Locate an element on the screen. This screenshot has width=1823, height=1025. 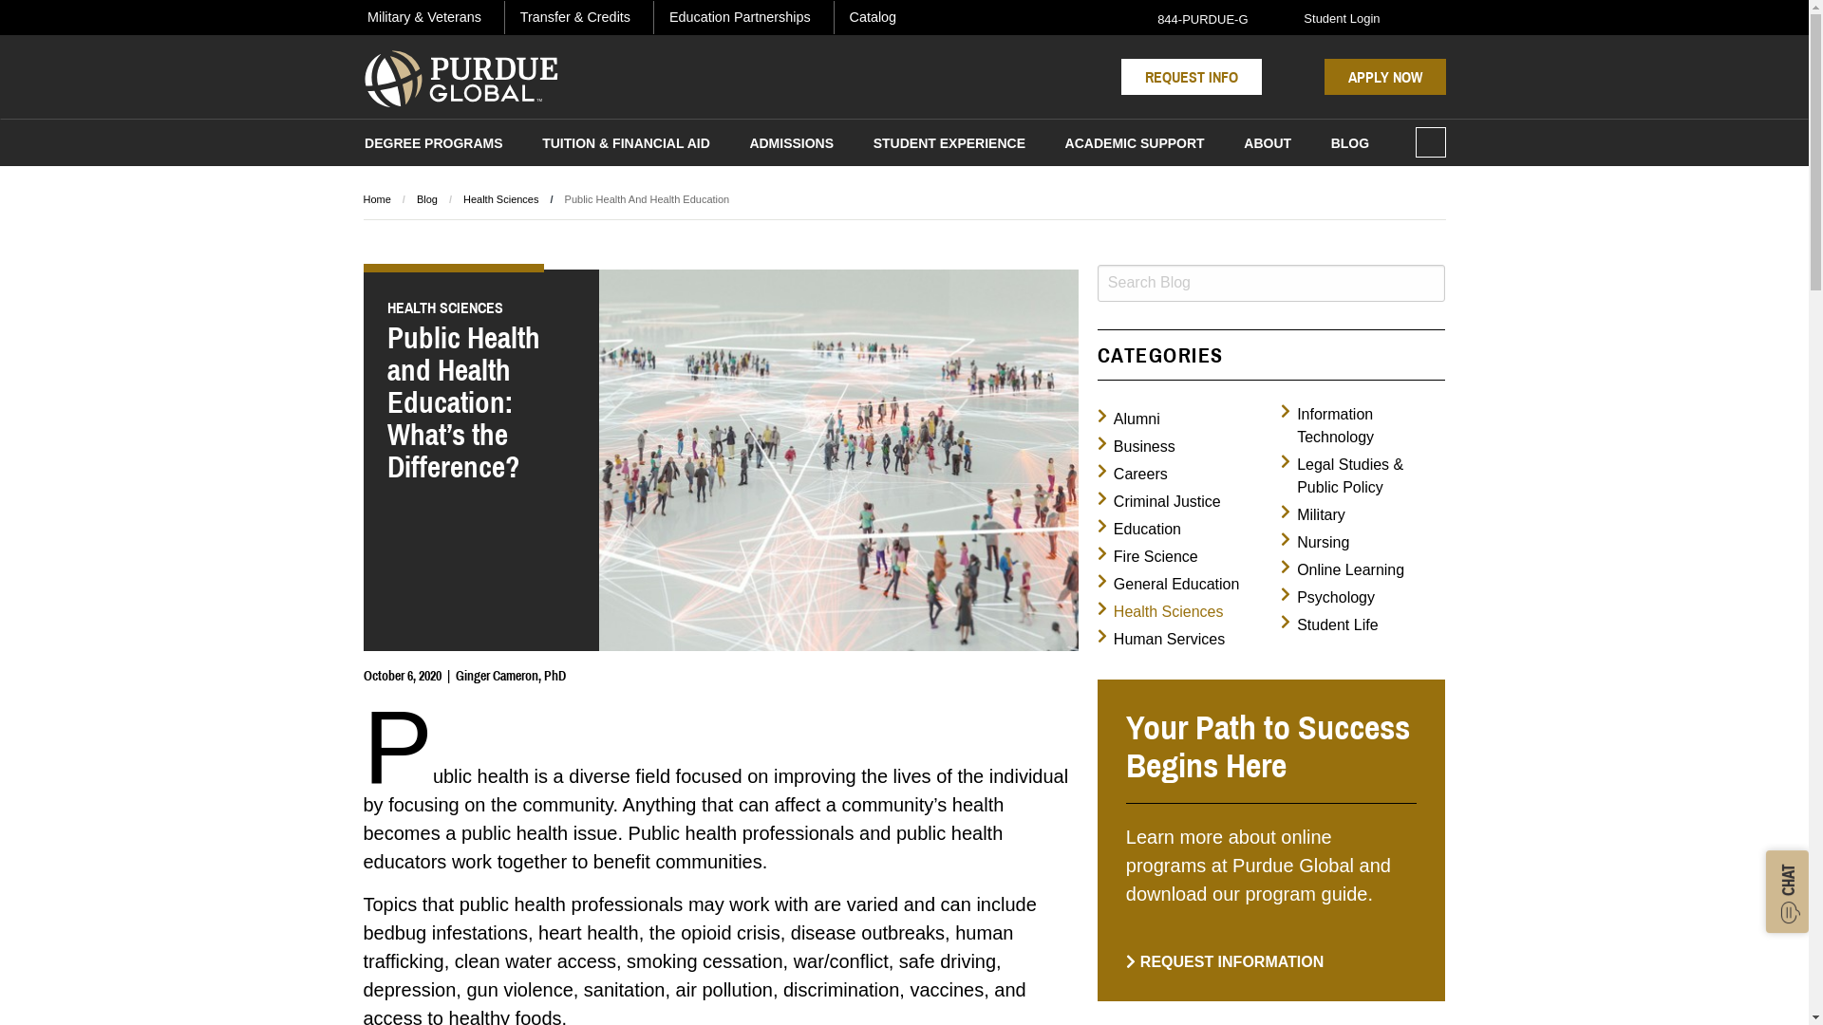
'Information Technology' is located at coordinates (1280, 424).